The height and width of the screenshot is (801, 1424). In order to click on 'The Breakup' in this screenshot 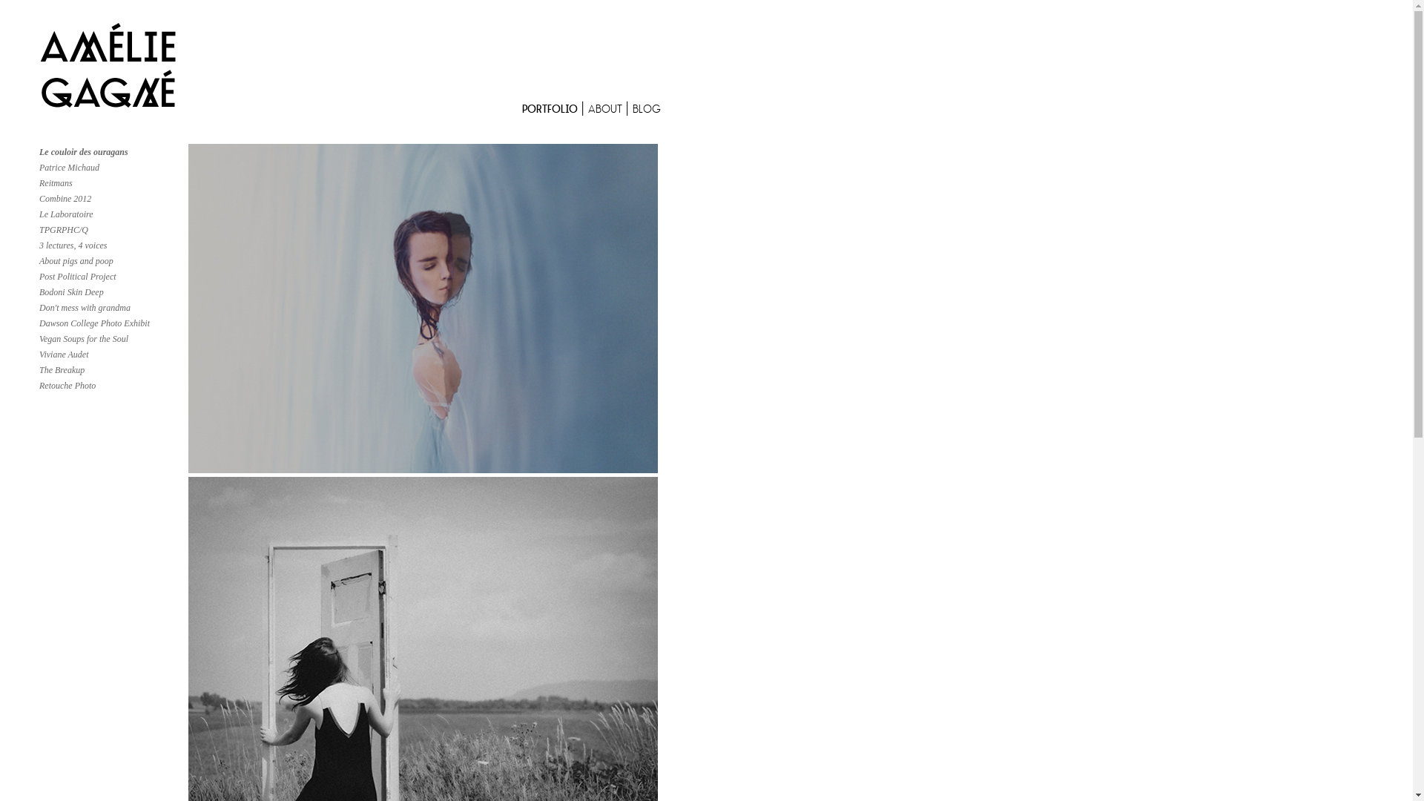, I will do `click(61, 369)`.